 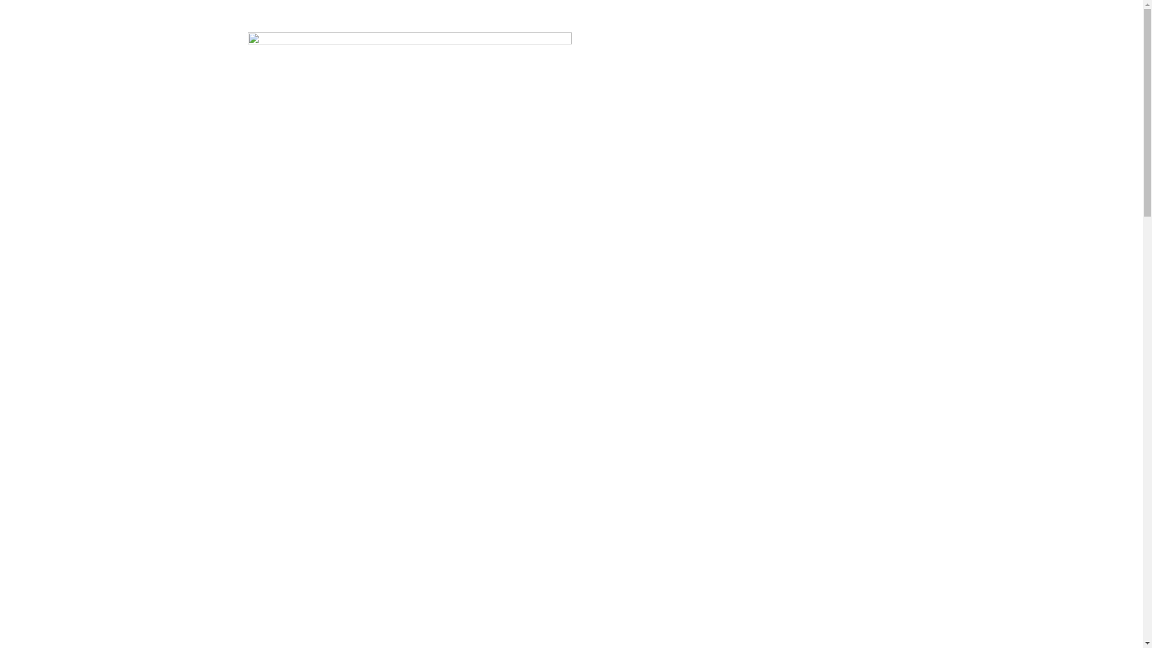 I want to click on 'nuova_1_ok', so click(x=409, y=40).